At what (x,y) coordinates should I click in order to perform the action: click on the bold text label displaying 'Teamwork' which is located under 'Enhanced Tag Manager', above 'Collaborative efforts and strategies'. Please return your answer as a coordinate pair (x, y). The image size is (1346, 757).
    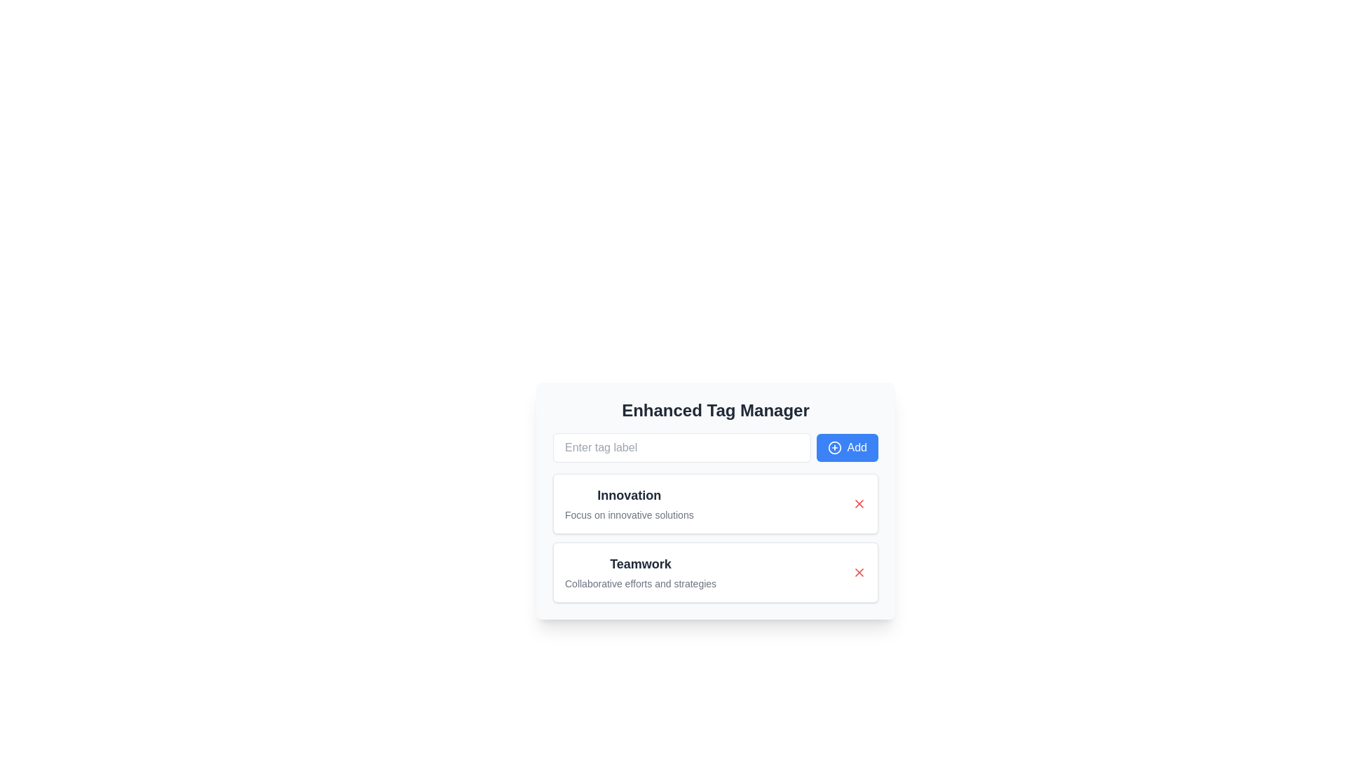
    Looking at the image, I should click on (640, 564).